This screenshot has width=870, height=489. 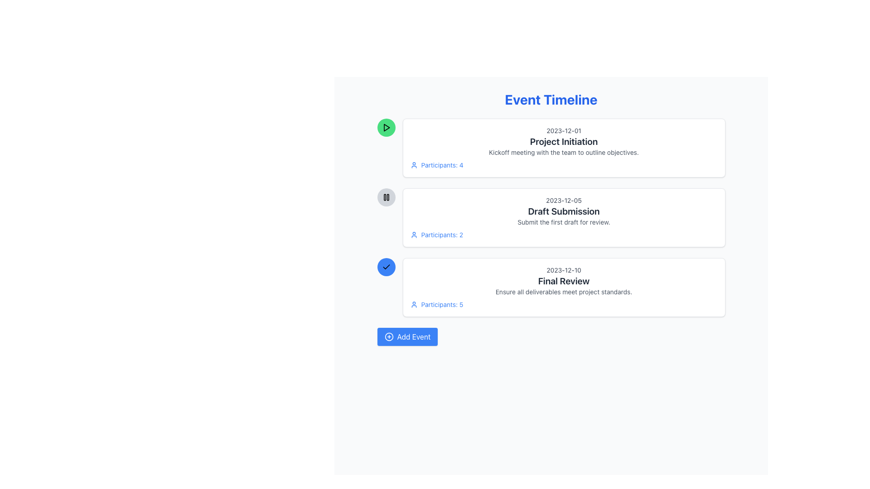 What do you see at coordinates (389, 337) in the screenshot?
I see `the Decorative Icon, a small circular icon with a blue outline and a plus sign in the center, located to the left of the 'Add Event' button text at the bottom of the interface` at bounding box center [389, 337].